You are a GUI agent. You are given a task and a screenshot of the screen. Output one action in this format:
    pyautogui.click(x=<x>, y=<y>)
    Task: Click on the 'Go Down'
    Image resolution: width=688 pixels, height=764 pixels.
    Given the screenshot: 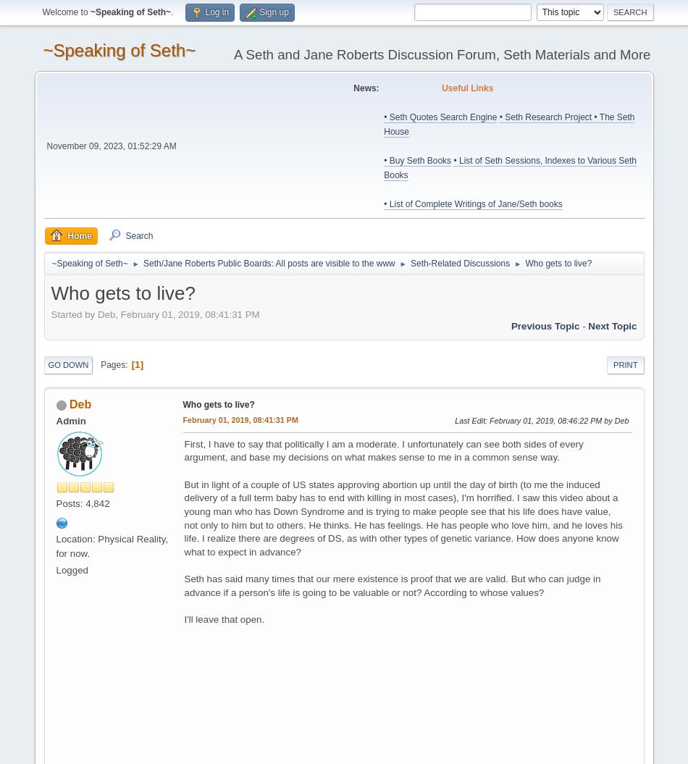 What is the action you would take?
    pyautogui.click(x=67, y=364)
    